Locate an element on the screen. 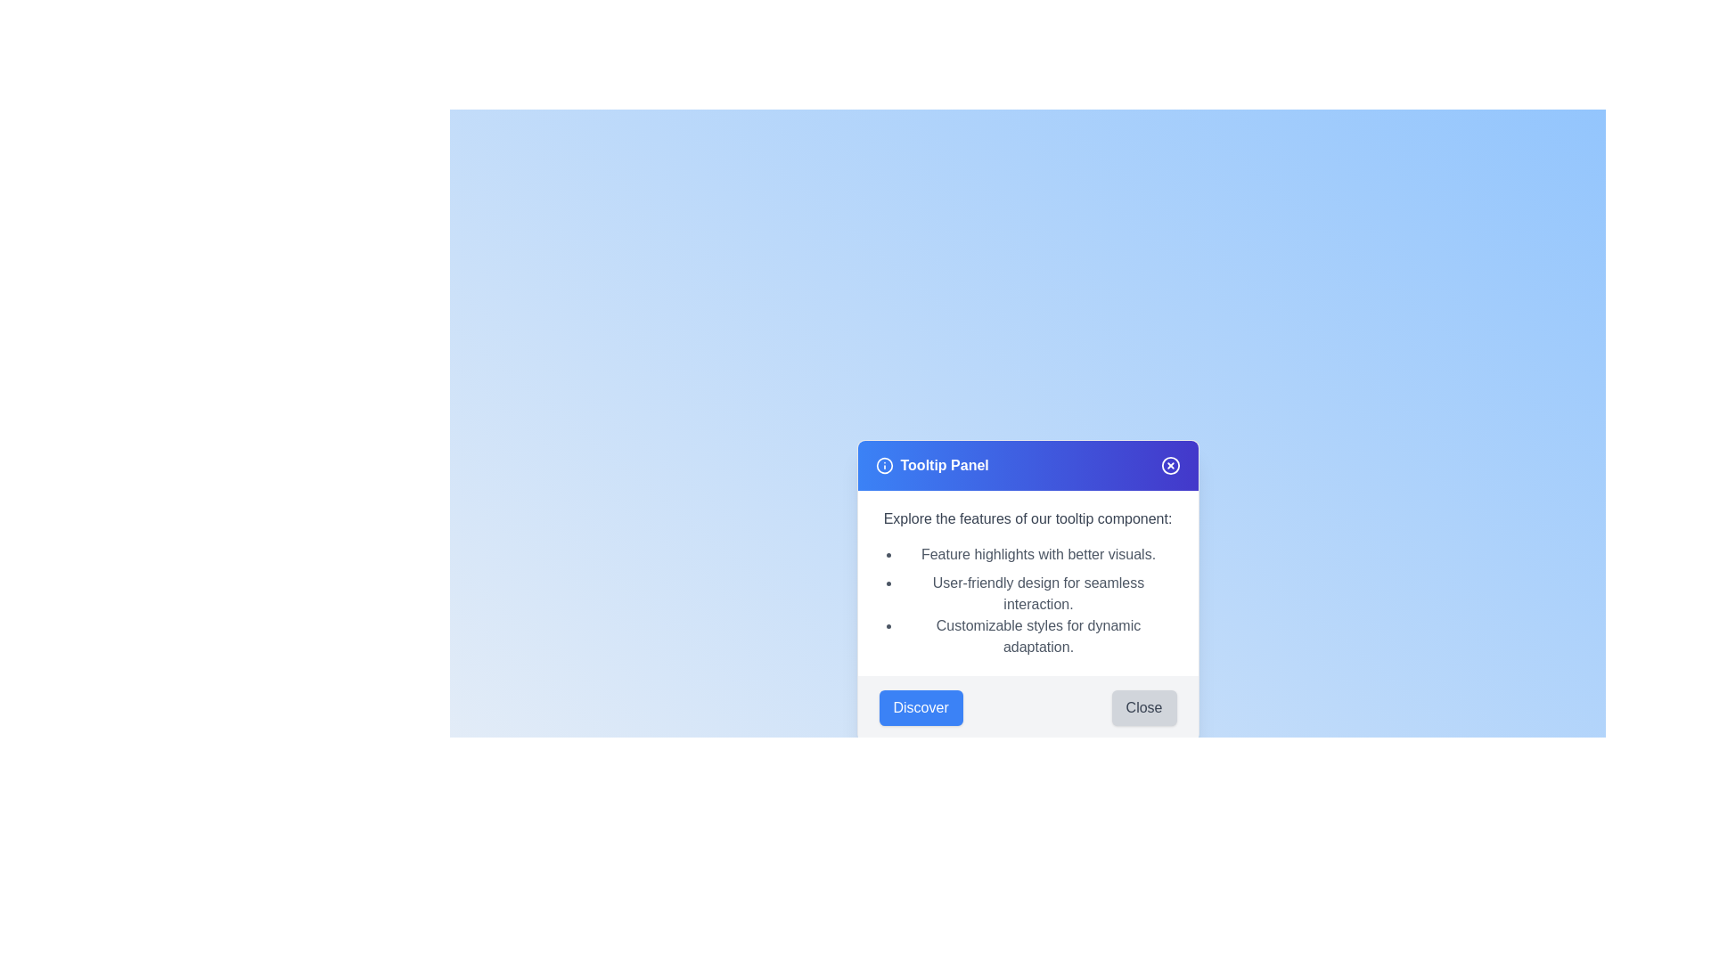 Image resolution: width=1711 pixels, height=962 pixels. the static text element that says 'Customizable styles for dynamic adaptation.', which is the last item in a bulleted list in a tooltip panel is located at coordinates (1038, 635).